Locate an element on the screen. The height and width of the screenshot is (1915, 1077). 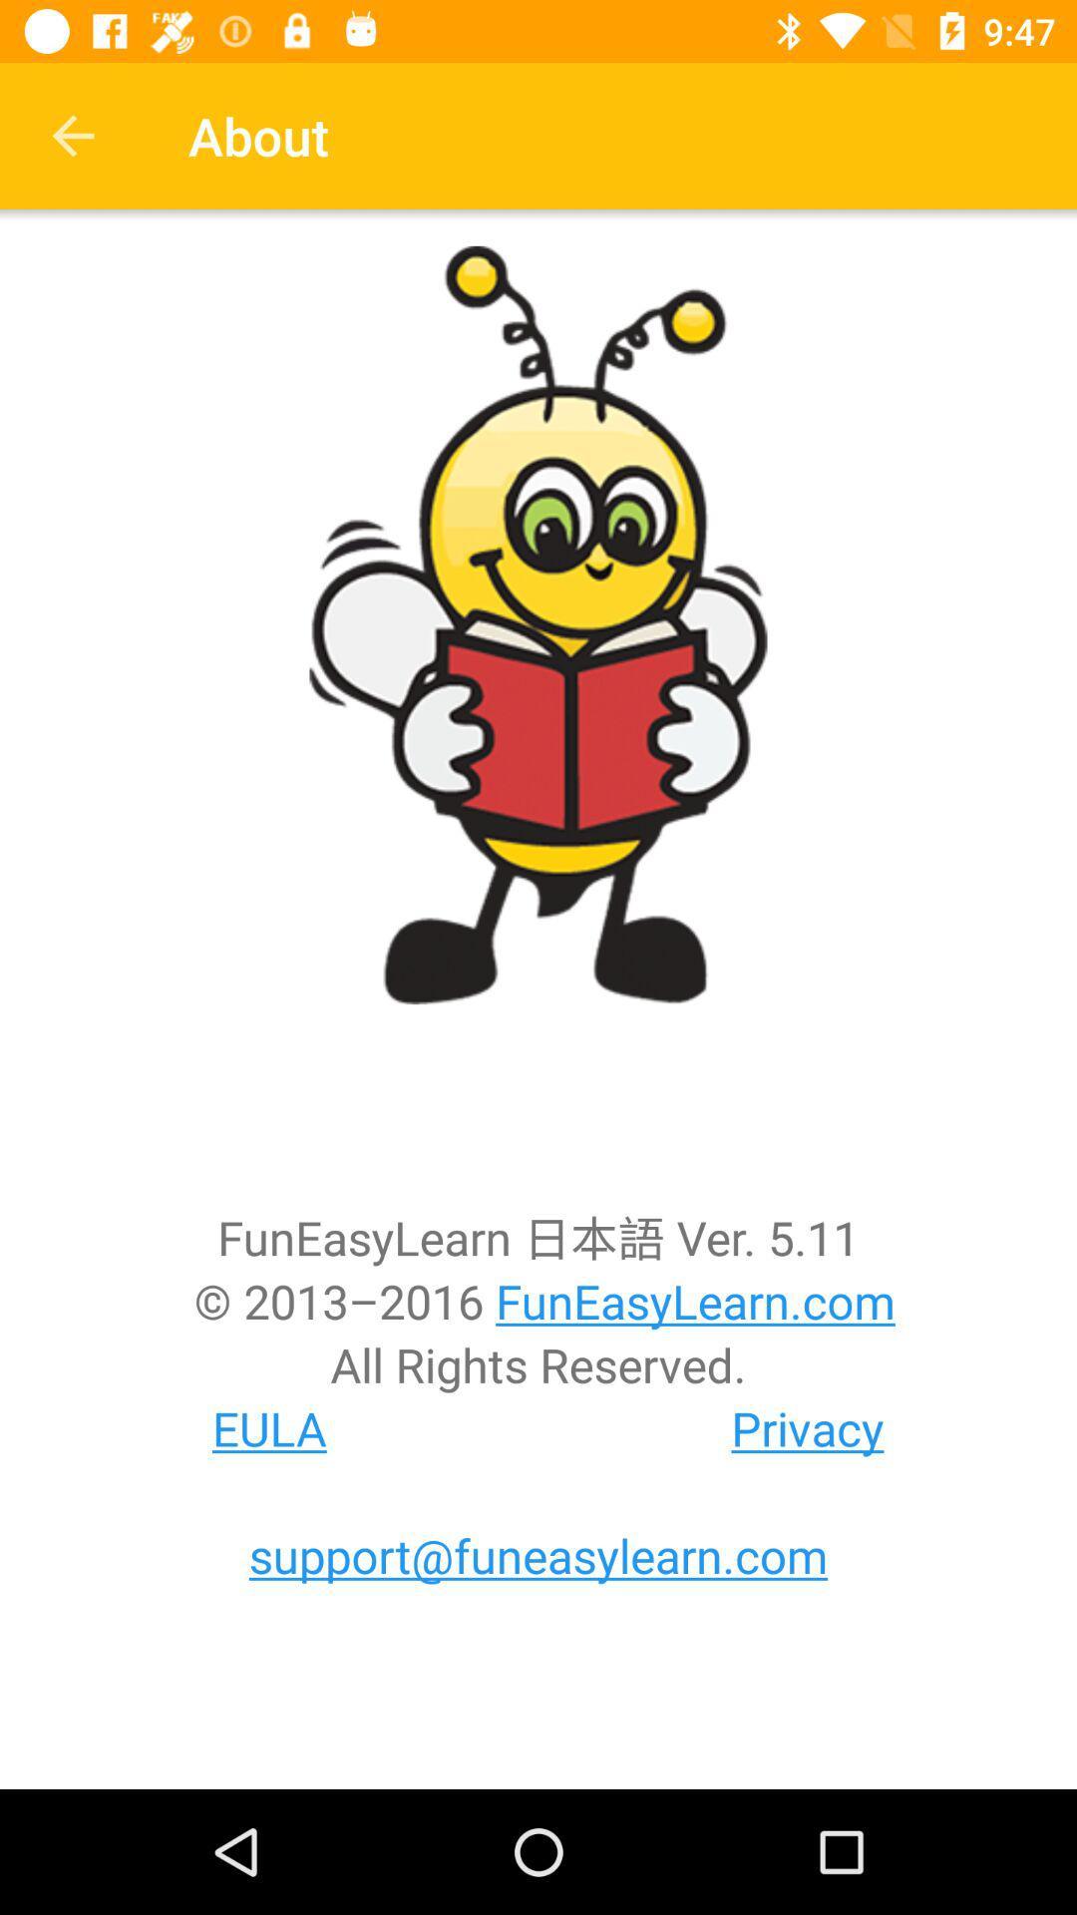
eula at the bottom left corner is located at coordinates (269, 1427).